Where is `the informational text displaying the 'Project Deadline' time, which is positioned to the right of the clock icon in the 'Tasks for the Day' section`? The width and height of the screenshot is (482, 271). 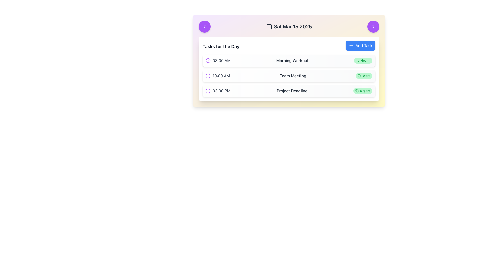 the informational text displaying the 'Project Deadline' time, which is positioned to the right of the clock icon in the 'Tasks for the Day' section is located at coordinates (221, 91).